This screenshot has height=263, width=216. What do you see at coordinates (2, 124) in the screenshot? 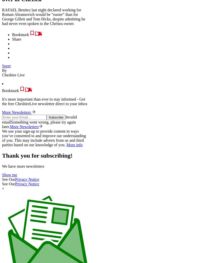
I see `'Something went wrong, please try again later.'` at bounding box center [2, 124].